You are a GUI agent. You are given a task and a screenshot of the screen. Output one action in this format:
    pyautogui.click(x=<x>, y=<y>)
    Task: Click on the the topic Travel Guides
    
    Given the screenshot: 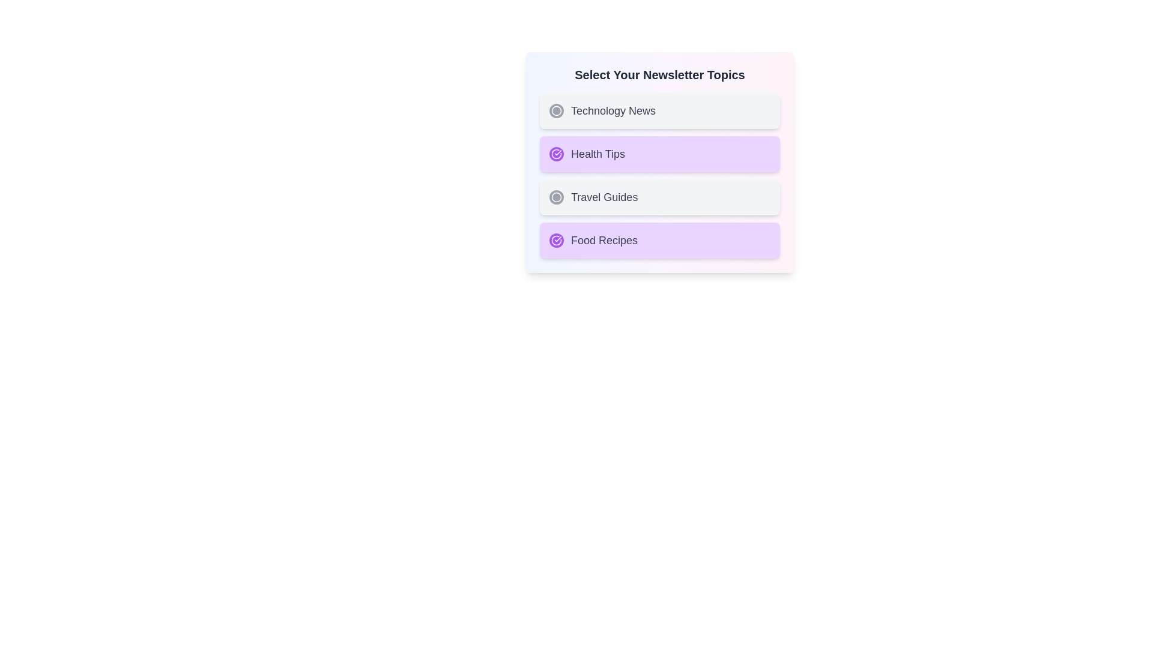 What is the action you would take?
    pyautogui.click(x=659, y=196)
    